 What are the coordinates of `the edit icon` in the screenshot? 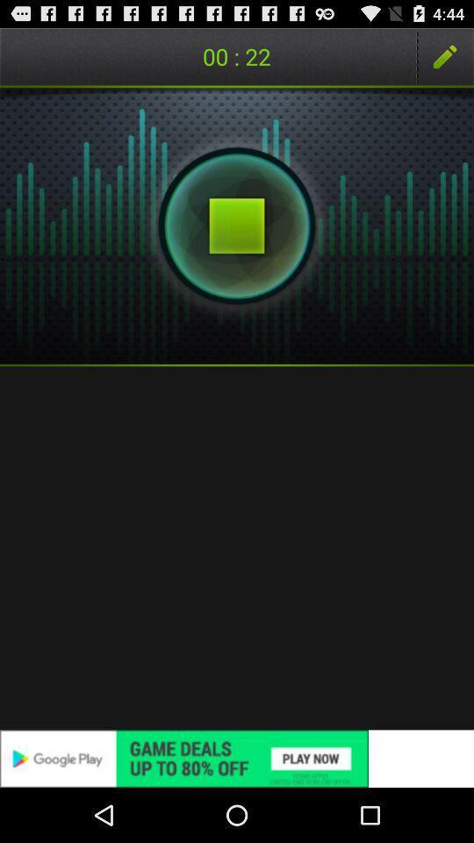 It's located at (445, 60).